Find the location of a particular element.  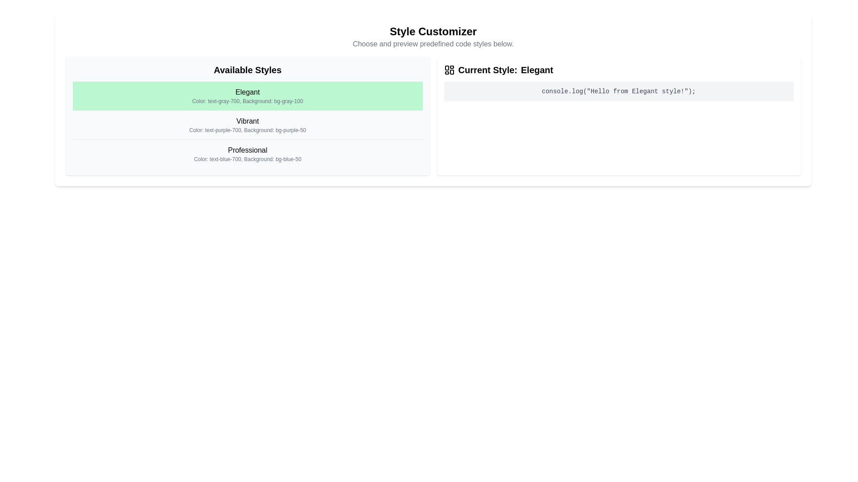

the Text element that presents the details of the color and background used for the 'Vibrant' style option, located below the 'Vibrant' heading is located at coordinates (248, 130).